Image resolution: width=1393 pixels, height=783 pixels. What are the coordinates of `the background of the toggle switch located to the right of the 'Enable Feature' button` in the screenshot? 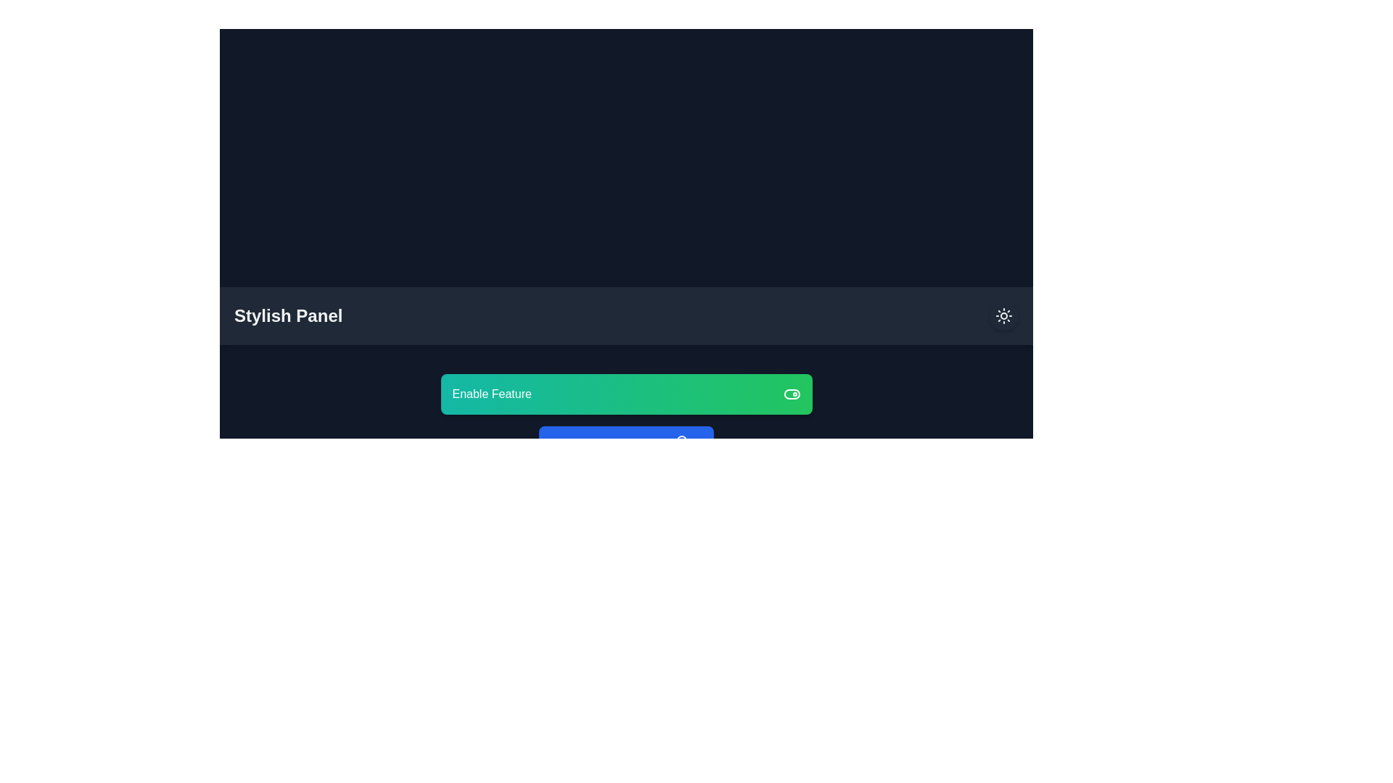 It's located at (791, 394).